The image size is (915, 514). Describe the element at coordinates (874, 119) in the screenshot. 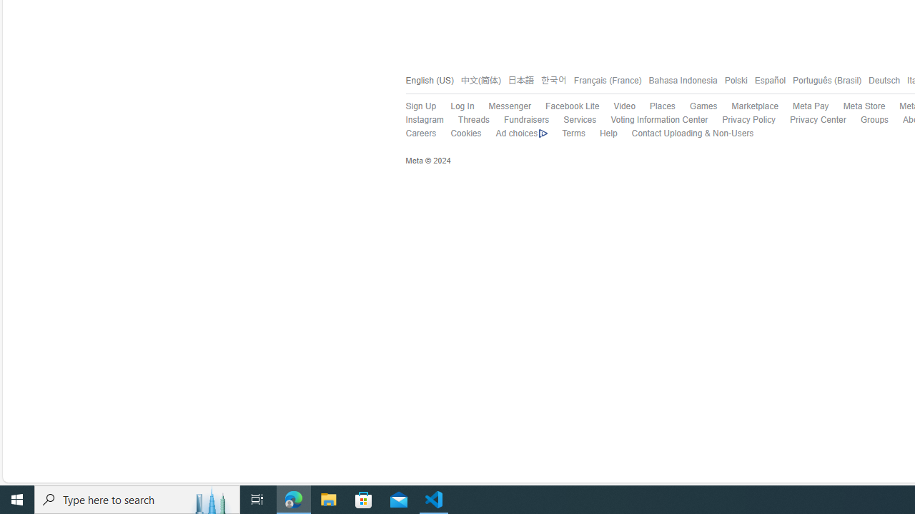

I see `'Groups'` at that location.